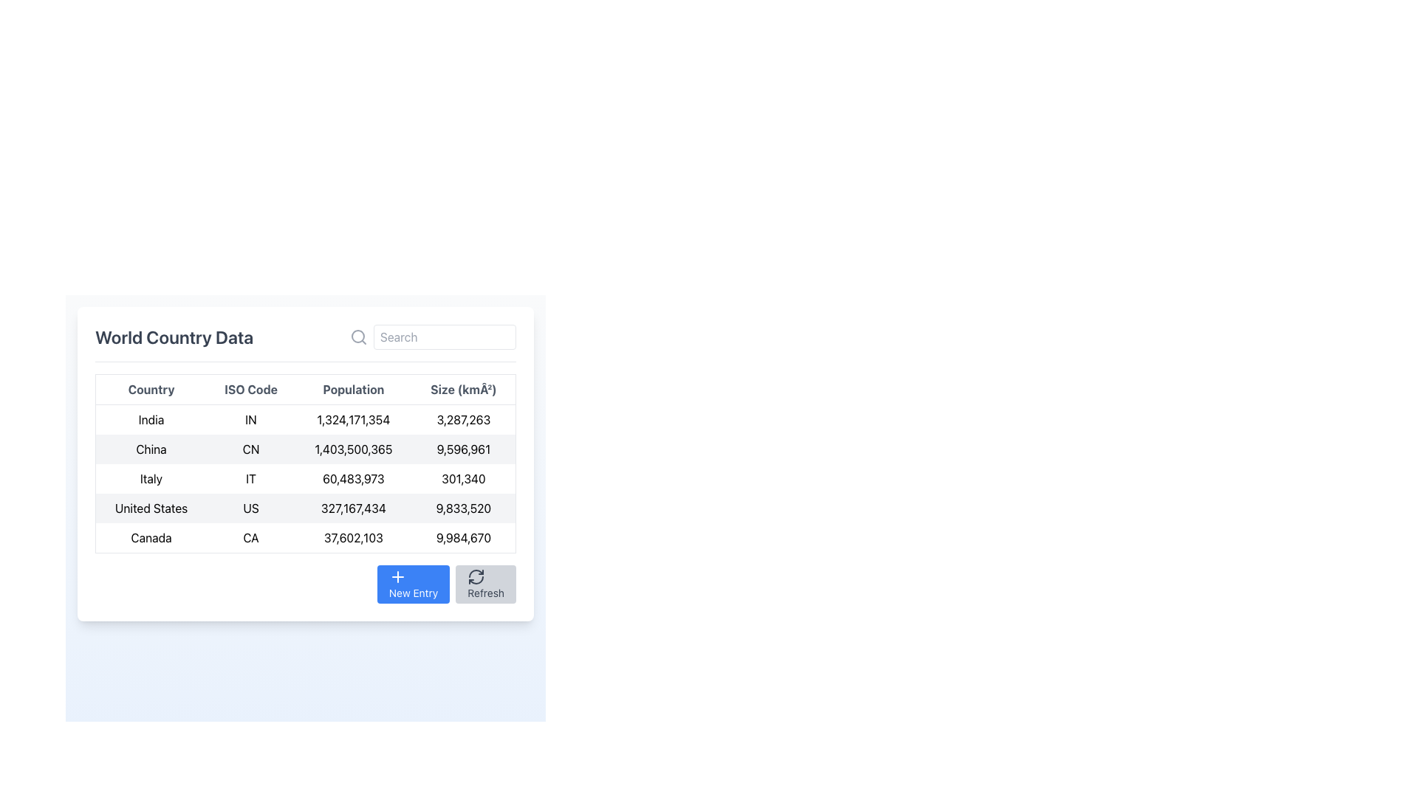  I want to click on the content of the ISO code text element for Canada, which is located in the second column of the table, so click(251, 538).